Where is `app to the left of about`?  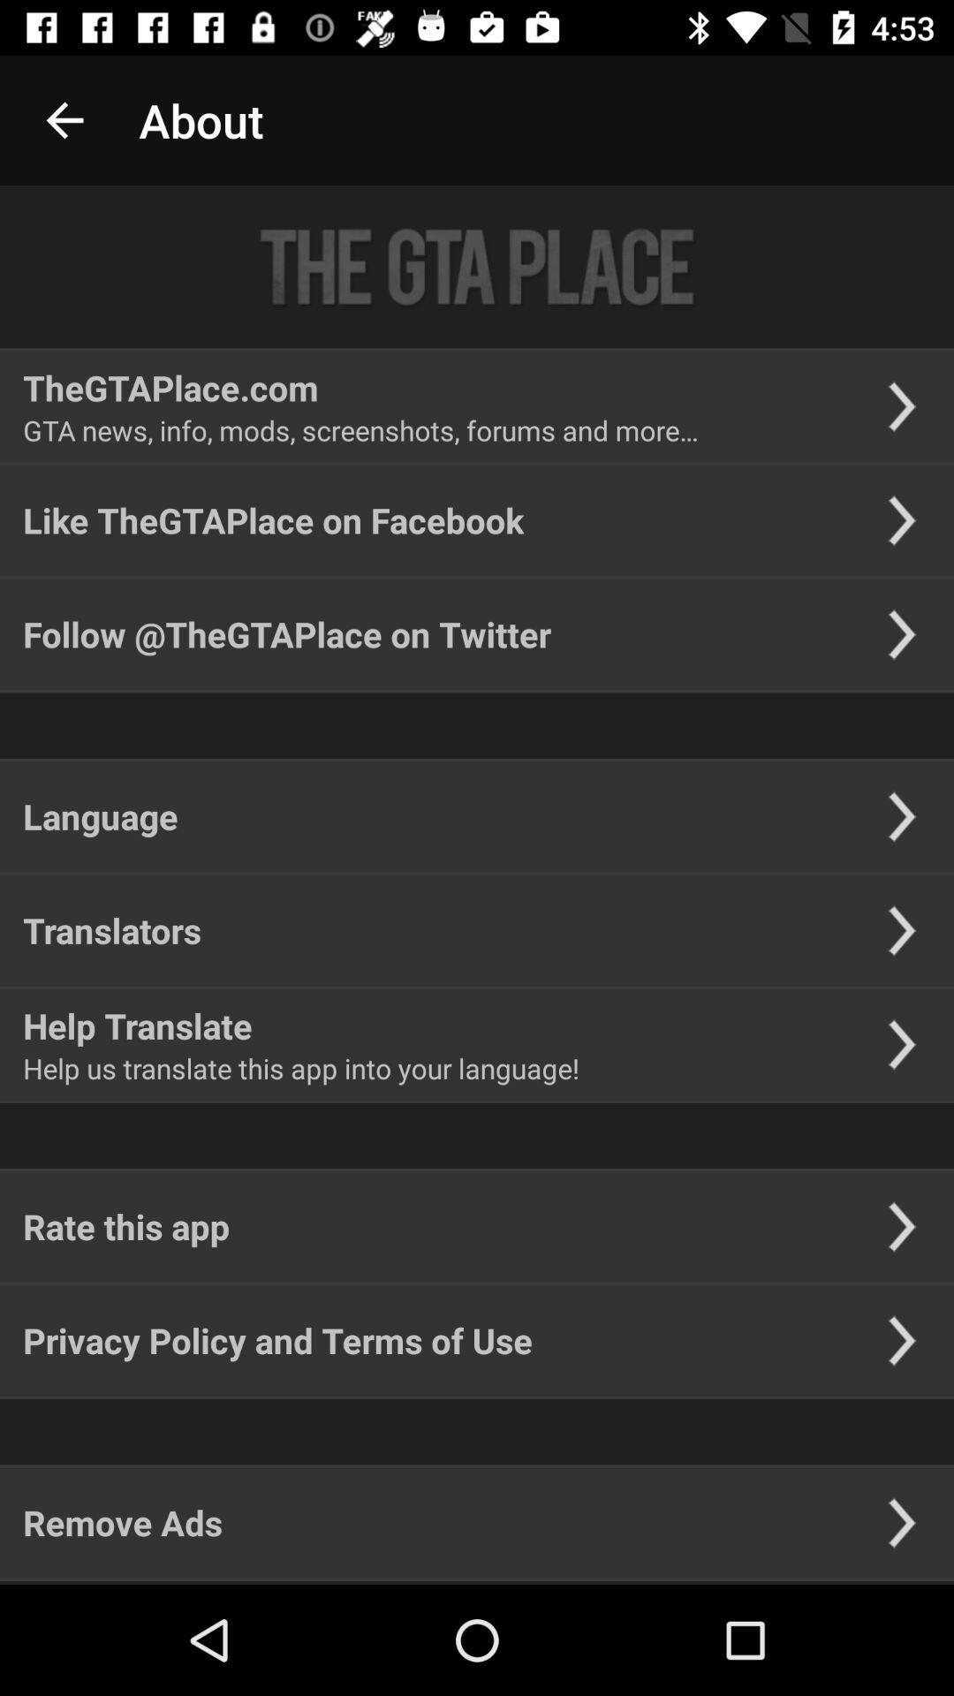 app to the left of about is located at coordinates (64, 119).